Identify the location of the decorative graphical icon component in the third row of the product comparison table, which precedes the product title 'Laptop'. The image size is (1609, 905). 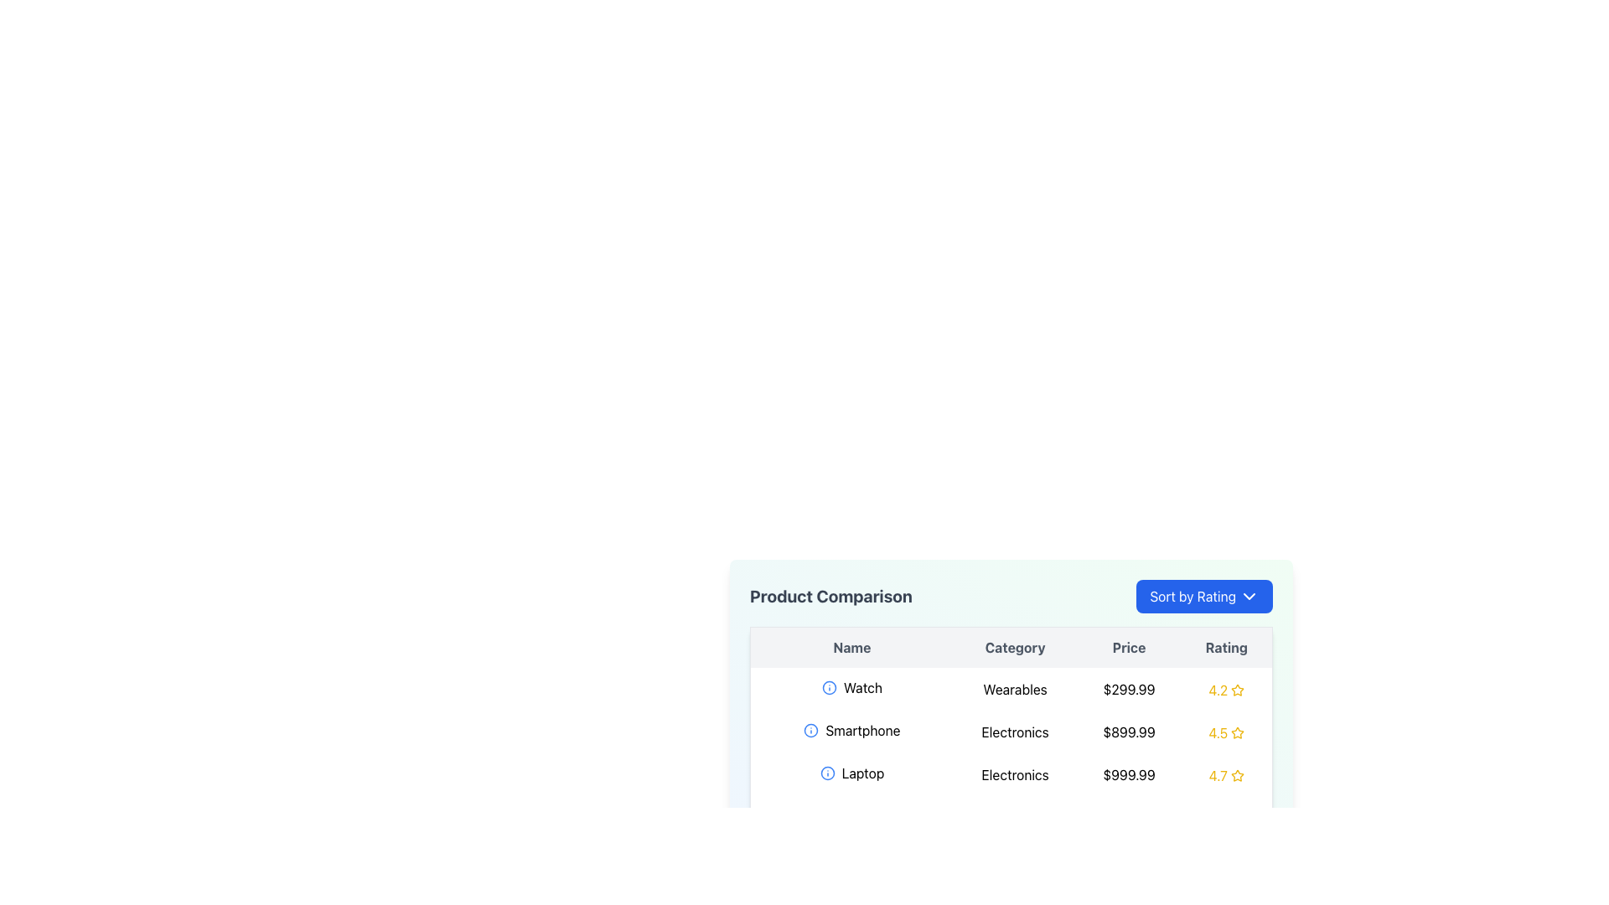
(827, 773).